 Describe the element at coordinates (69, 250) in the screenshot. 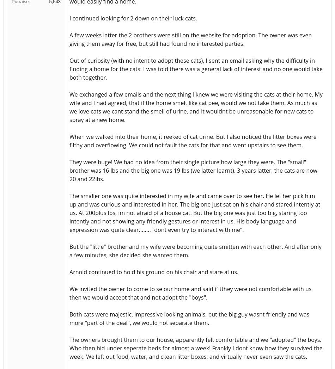

I see `'But the "little" brother and my wife were becoming quite smitten with each other. And after only a few minutes, she decided she wanted them.'` at that location.